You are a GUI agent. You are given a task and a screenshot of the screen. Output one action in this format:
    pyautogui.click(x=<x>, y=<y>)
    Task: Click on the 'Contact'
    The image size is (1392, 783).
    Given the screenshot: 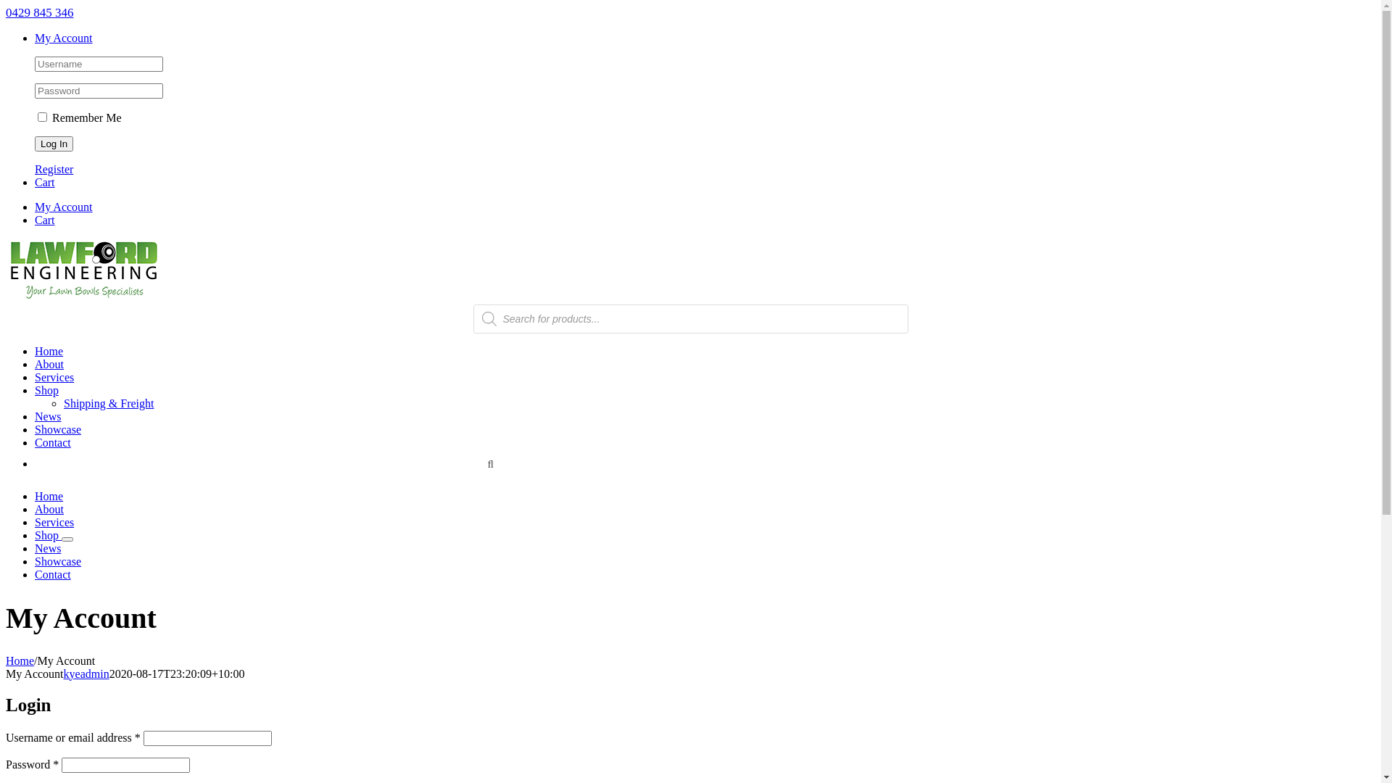 What is the action you would take?
    pyautogui.click(x=52, y=573)
    